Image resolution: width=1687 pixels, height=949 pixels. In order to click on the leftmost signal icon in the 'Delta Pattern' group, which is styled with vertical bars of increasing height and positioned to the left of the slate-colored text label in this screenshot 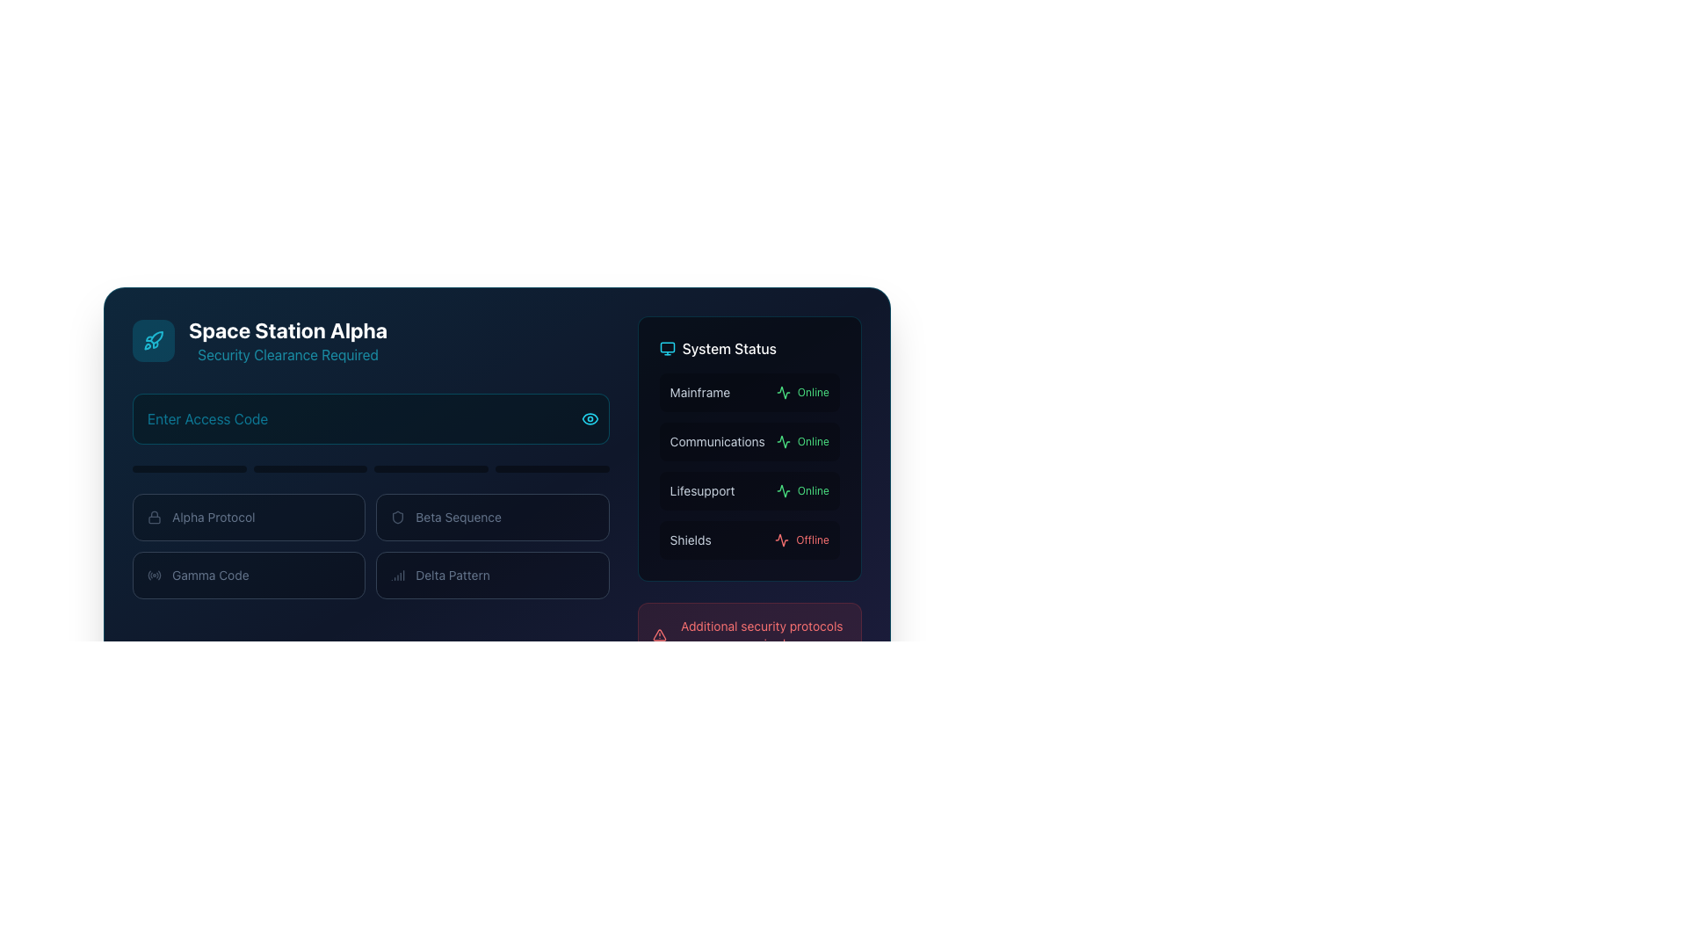, I will do `click(397, 576)`.